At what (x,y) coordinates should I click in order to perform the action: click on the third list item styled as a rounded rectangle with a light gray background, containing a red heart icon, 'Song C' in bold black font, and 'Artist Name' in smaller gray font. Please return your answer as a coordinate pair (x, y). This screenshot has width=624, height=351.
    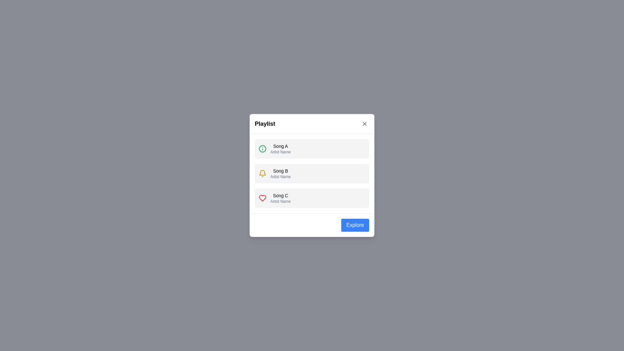
    Looking at the image, I should click on (312, 198).